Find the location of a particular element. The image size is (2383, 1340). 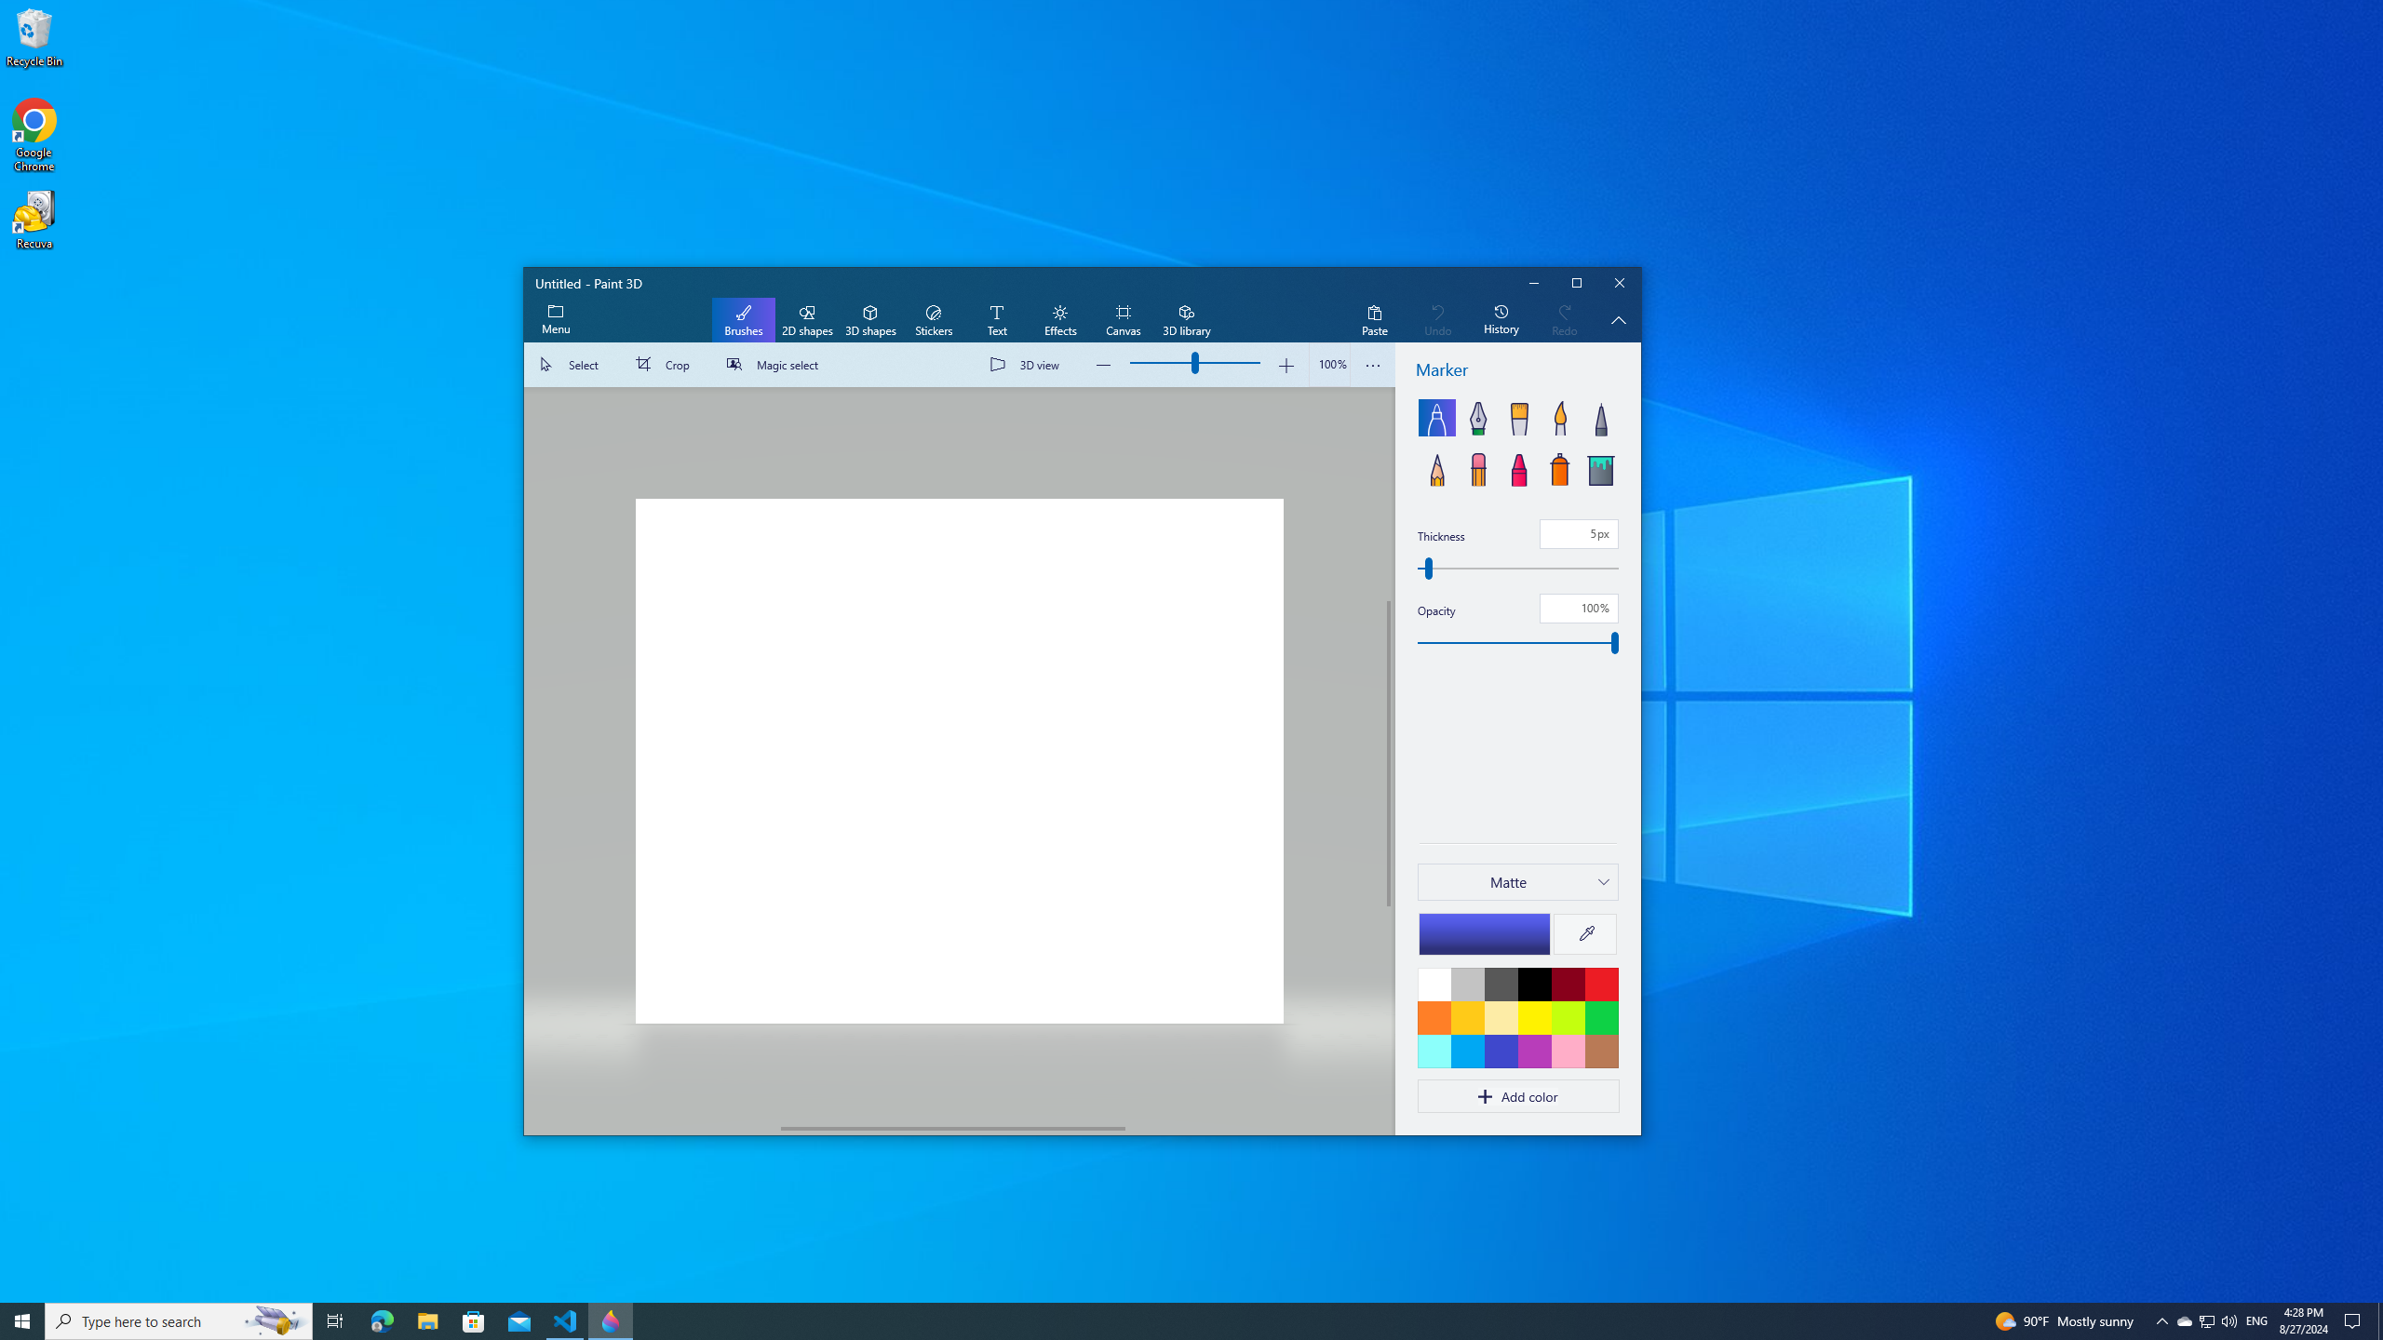

'3D library' is located at coordinates (1185, 320).